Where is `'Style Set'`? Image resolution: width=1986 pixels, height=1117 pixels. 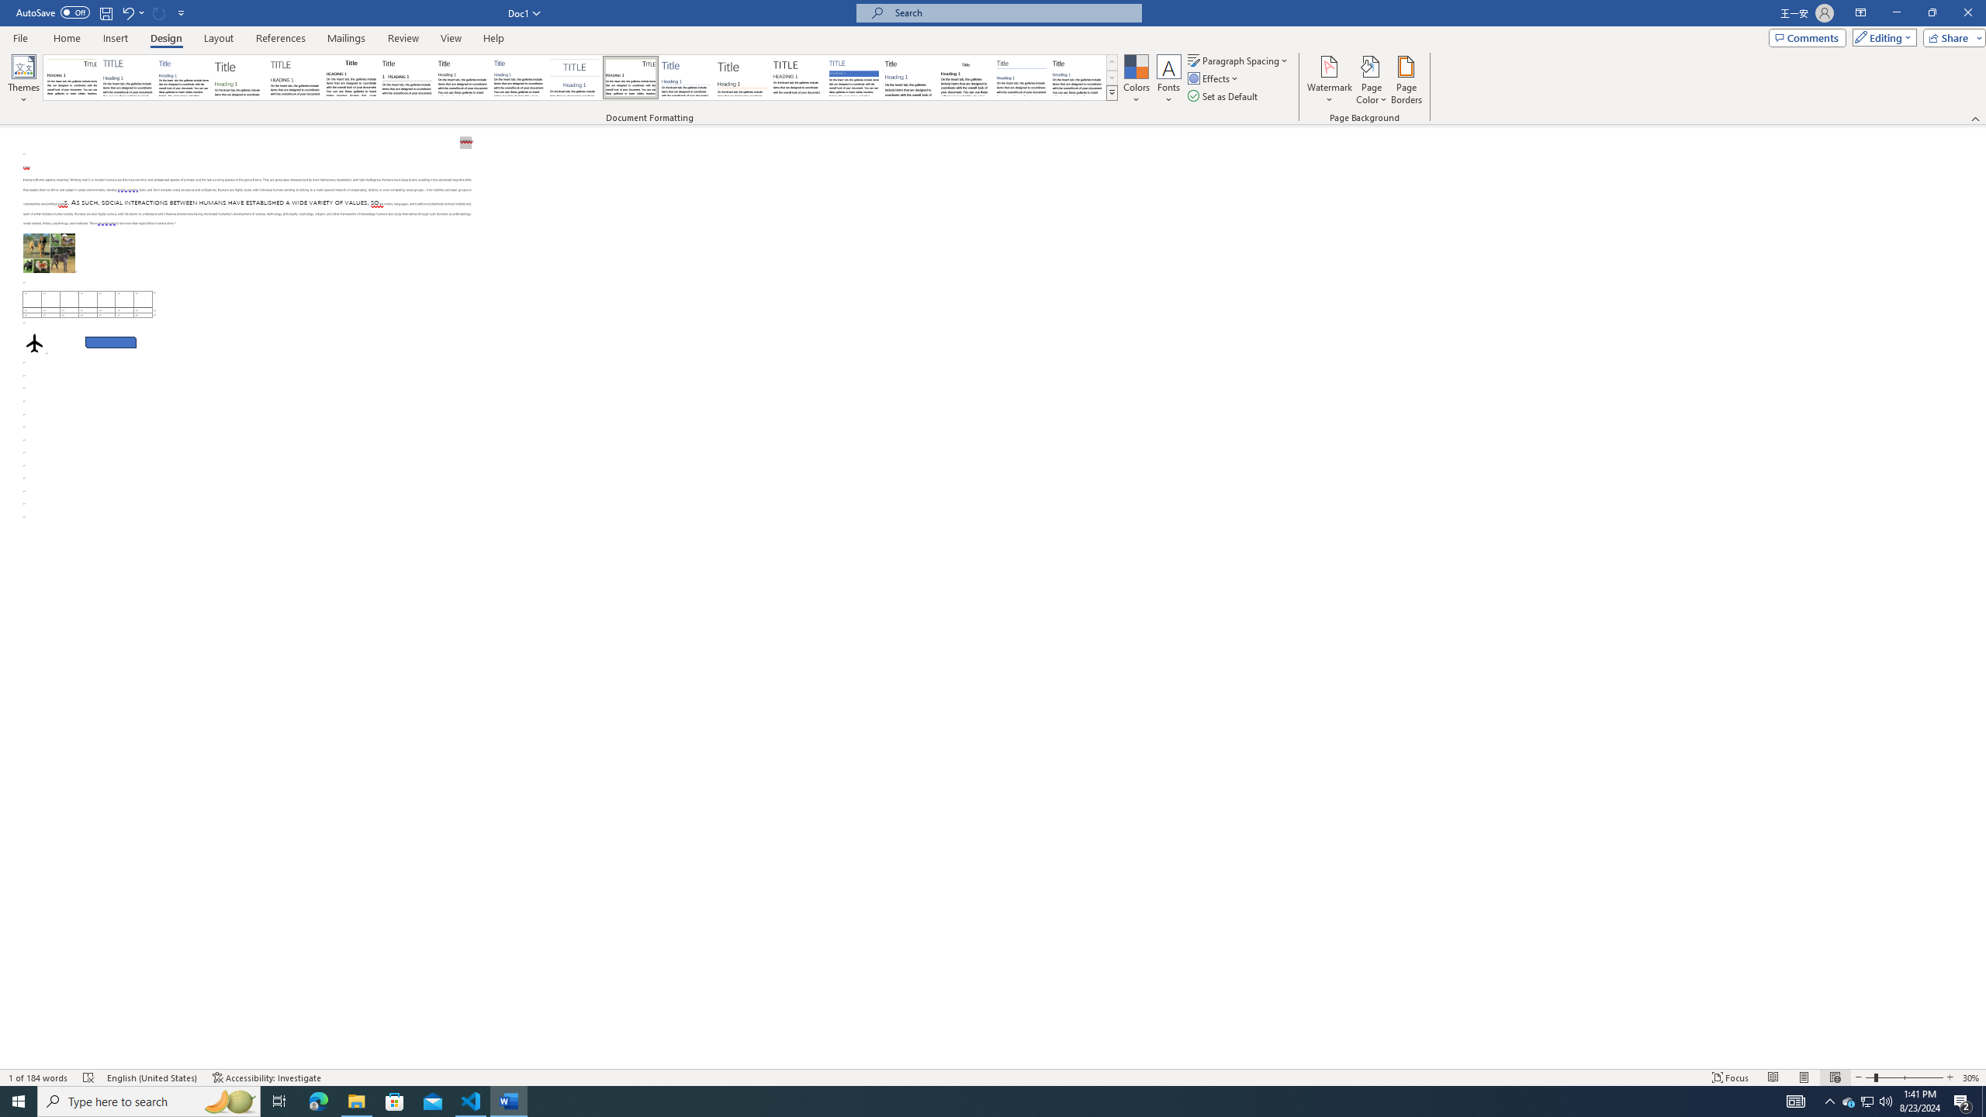 'Style Set' is located at coordinates (1111, 92).